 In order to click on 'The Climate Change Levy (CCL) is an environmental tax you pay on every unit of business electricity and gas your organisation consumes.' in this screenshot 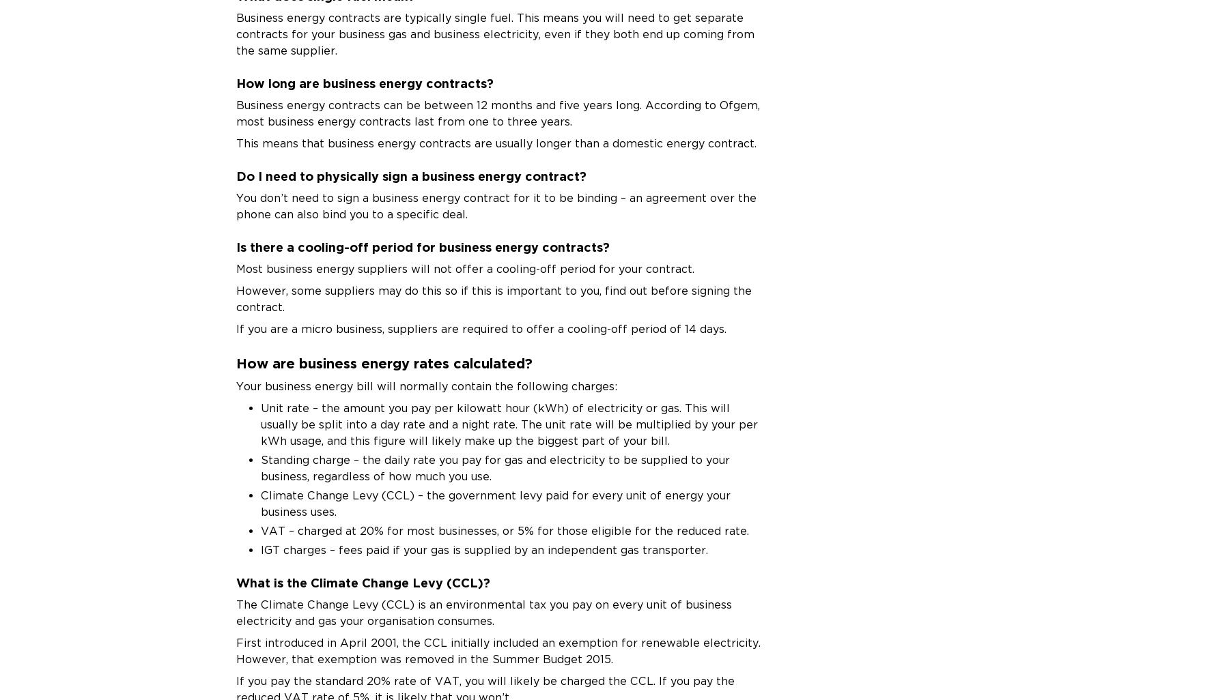, I will do `click(483, 611)`.